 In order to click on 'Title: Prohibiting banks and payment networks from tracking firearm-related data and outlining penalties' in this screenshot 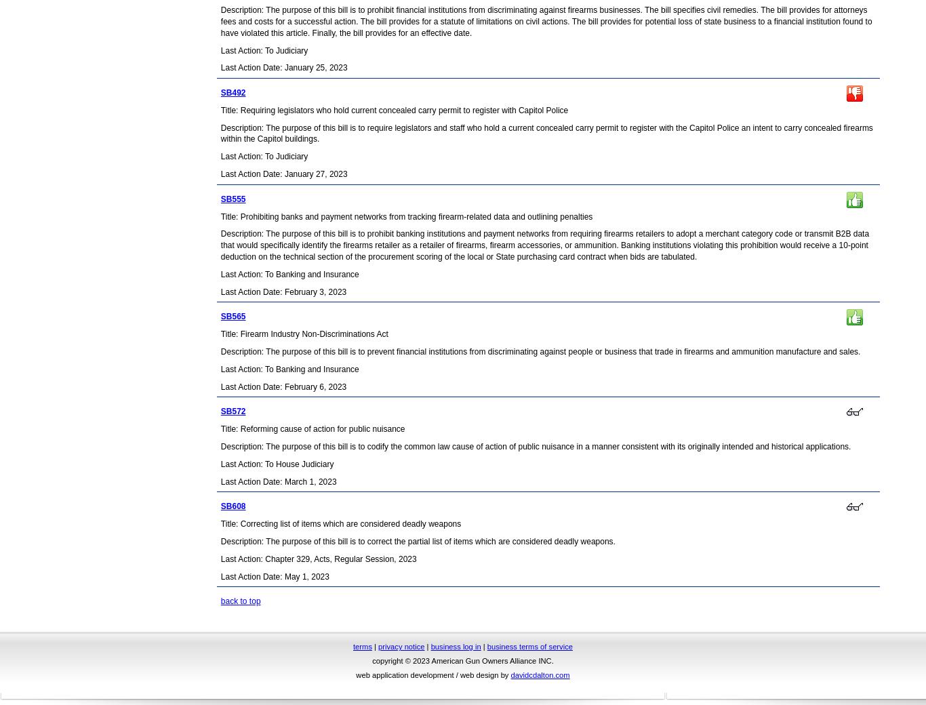, I will do `click(405, 215)`.